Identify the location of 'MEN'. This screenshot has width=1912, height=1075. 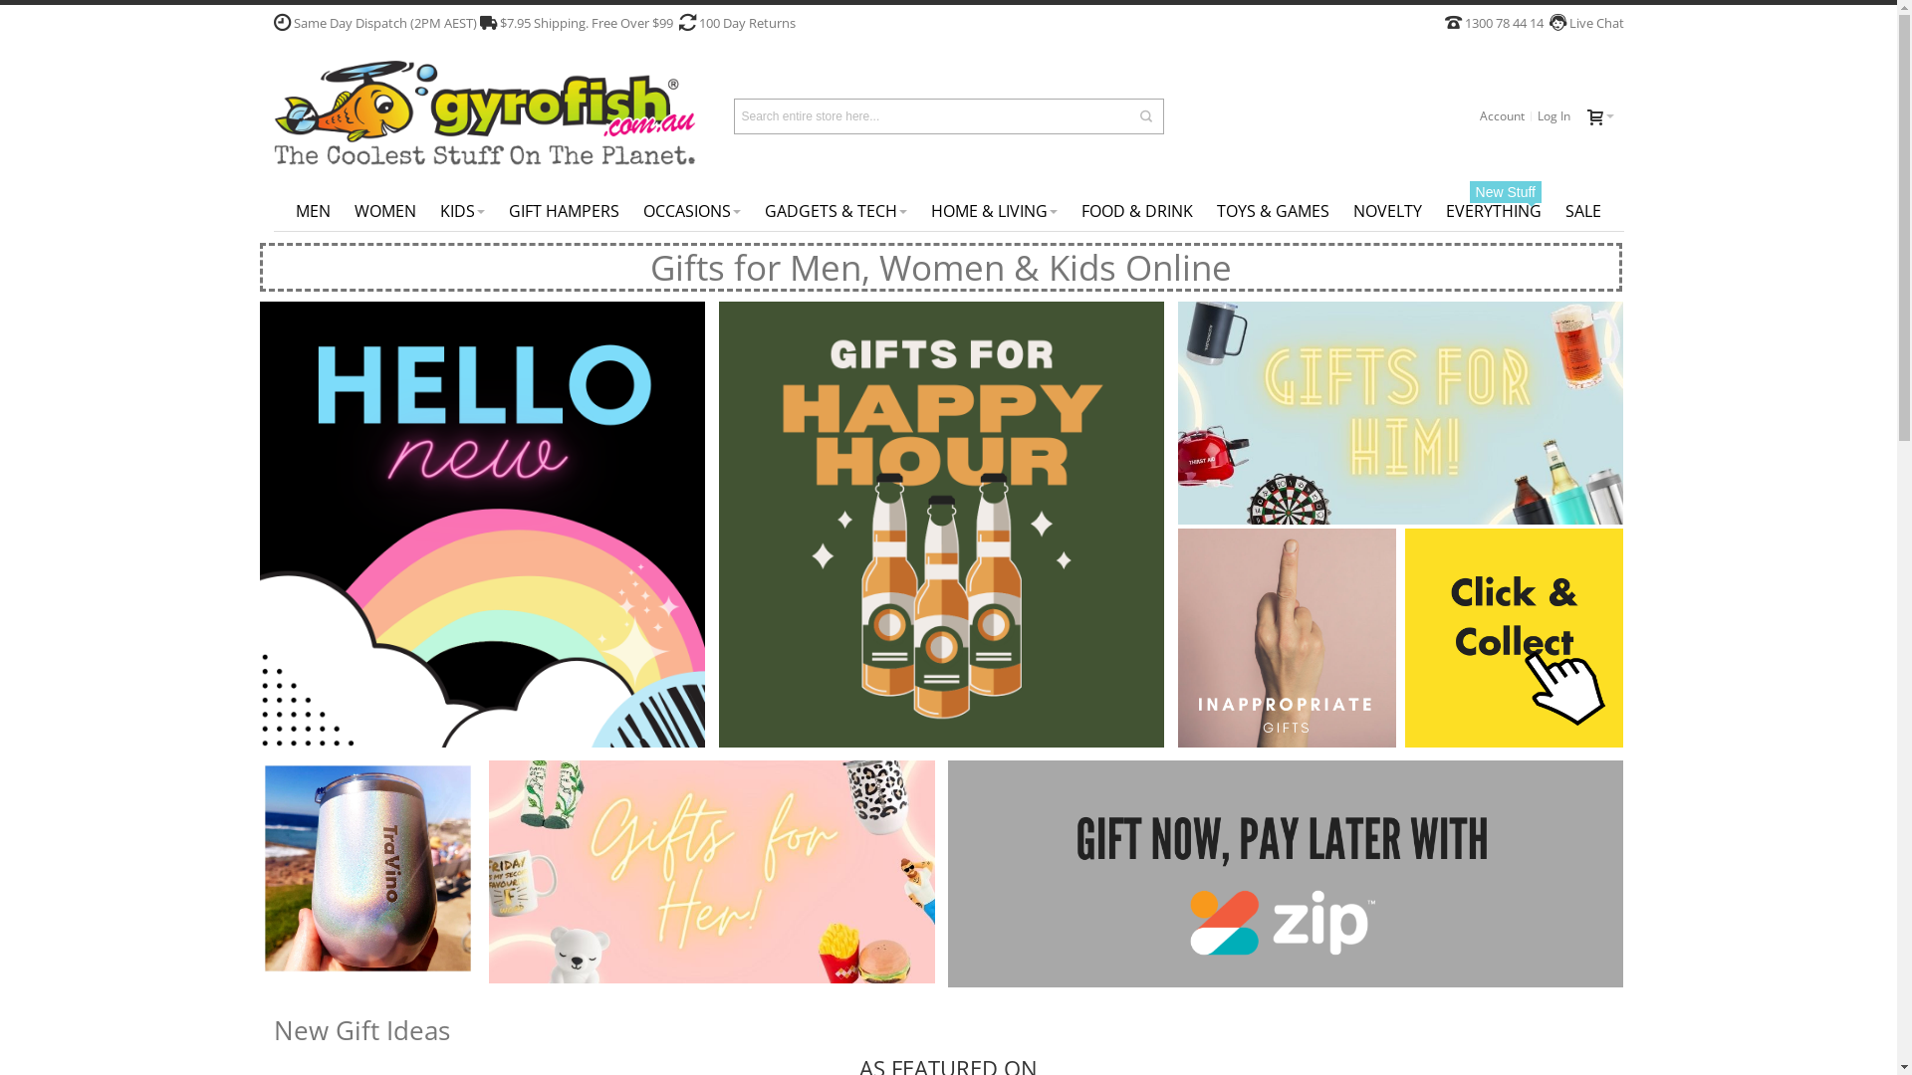
(312, 211).